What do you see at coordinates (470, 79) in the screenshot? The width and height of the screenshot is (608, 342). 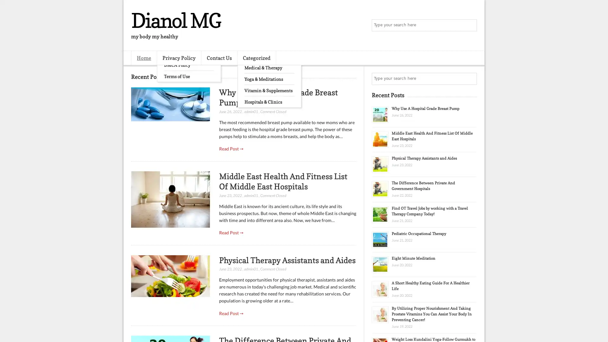 I see `Search` at bounding box center [470, 79].